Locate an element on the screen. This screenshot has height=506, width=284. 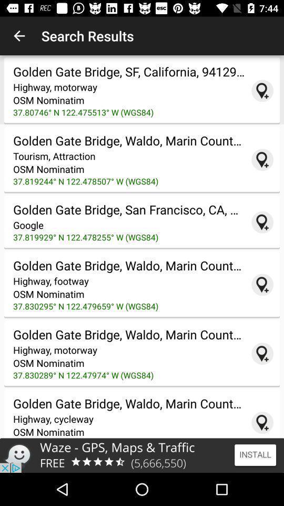
the location marker is located at coordinates (262, 284).